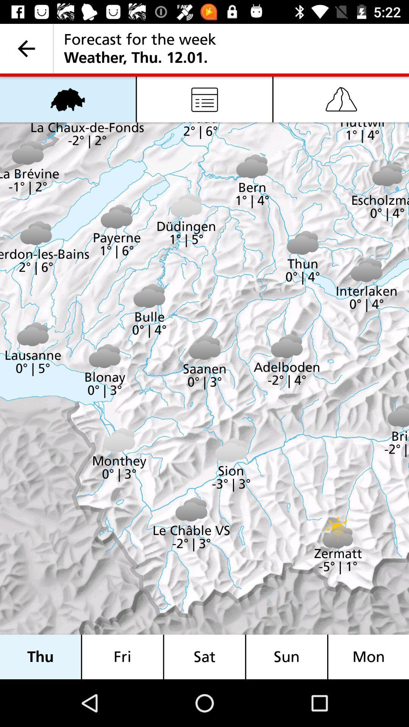 The width and height of the screenshot is (409, 727). I want to click on item to the right of the sun item, so click(368, 657).